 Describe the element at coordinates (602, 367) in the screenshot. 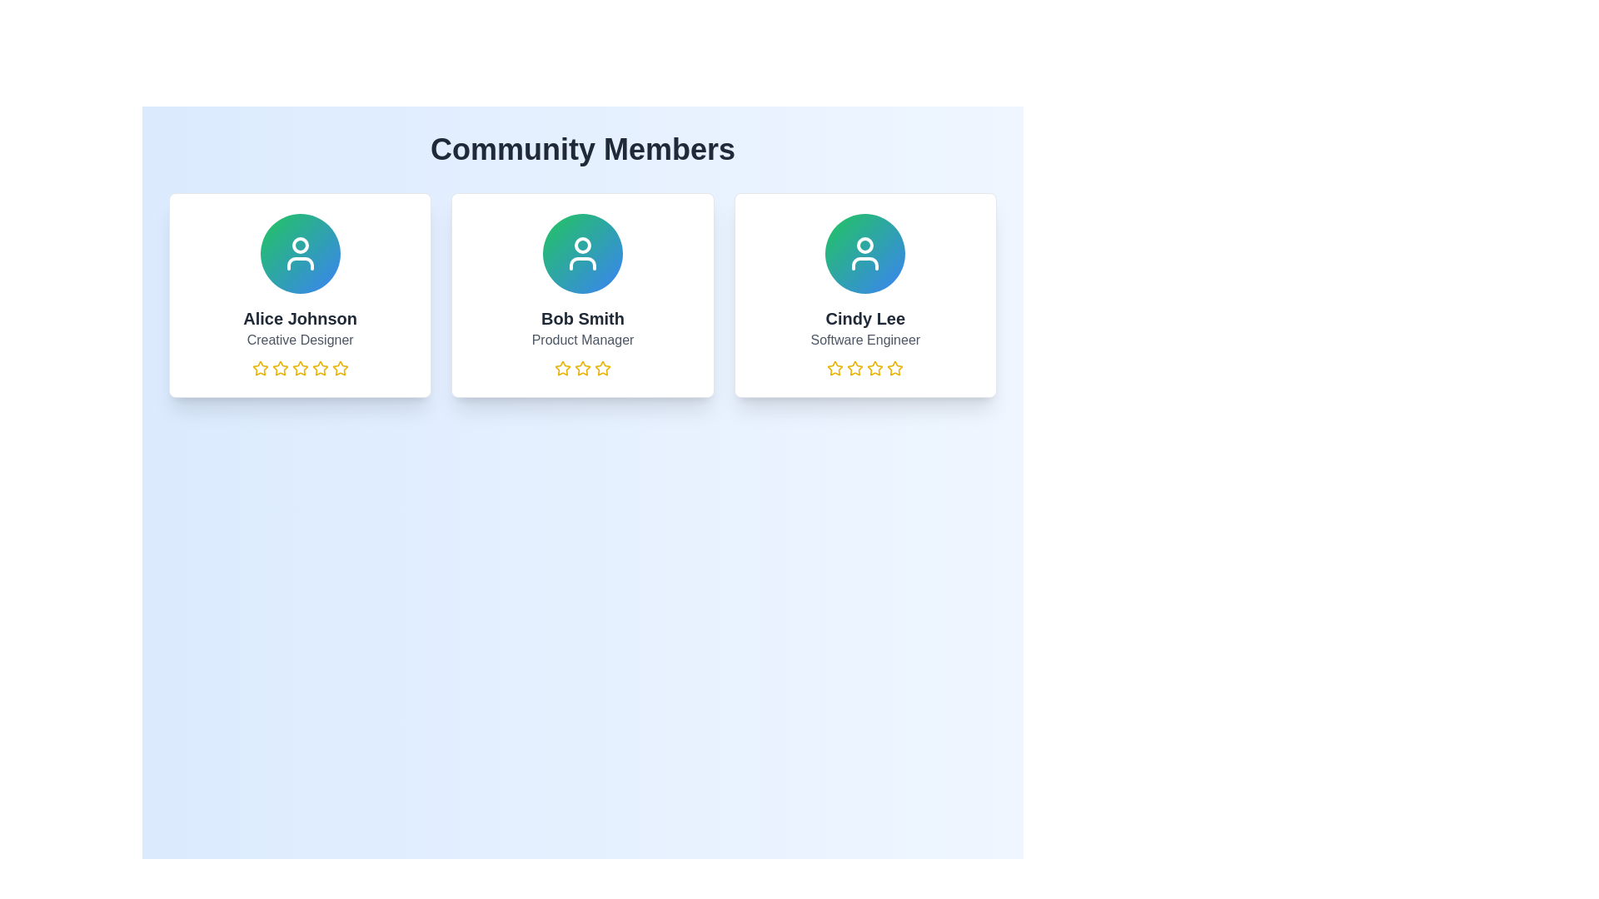

I see `the third star icon filled with yellow color under 'Bob Smith'` at that location.